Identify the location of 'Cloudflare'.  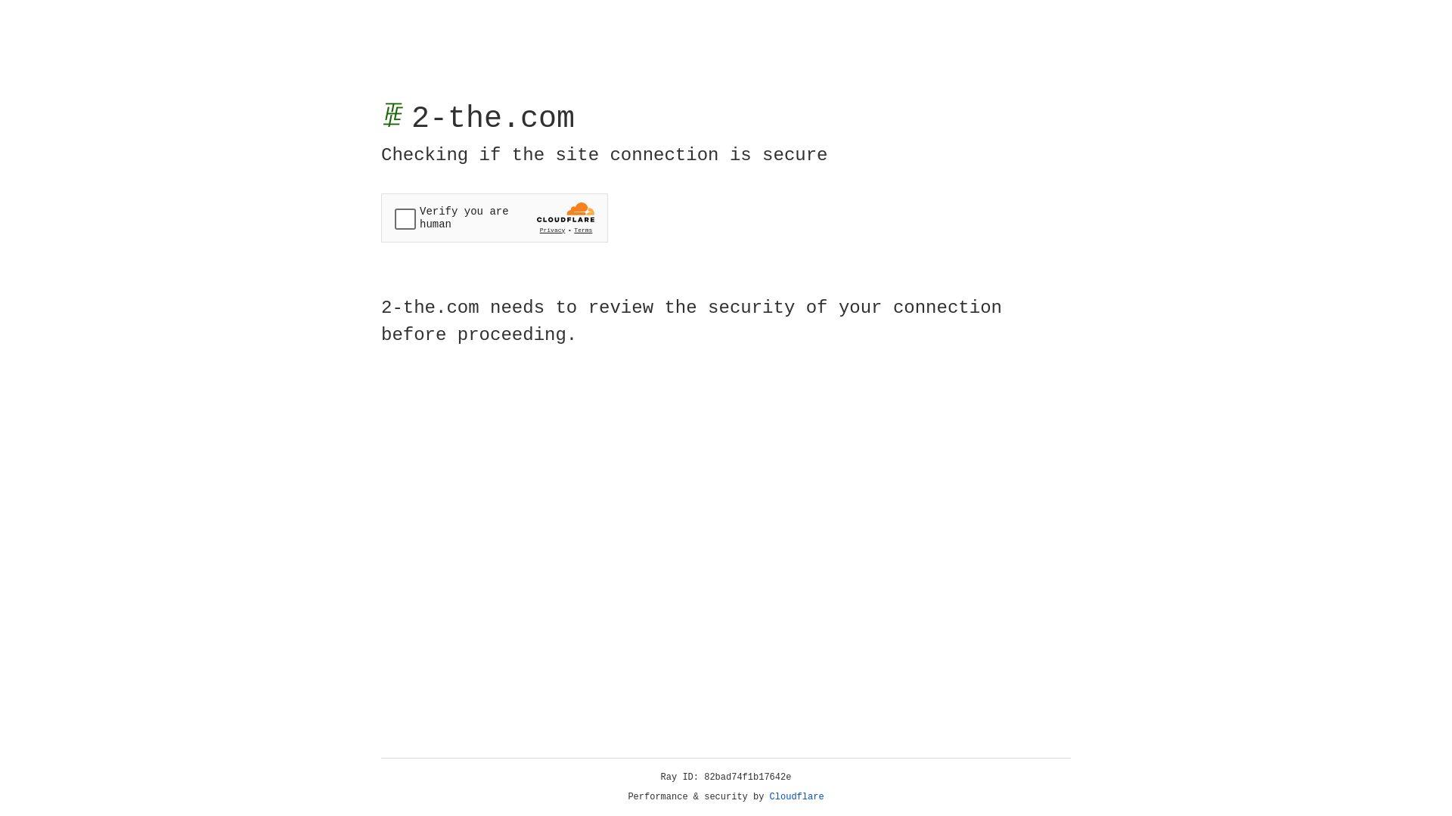
(796, 796).